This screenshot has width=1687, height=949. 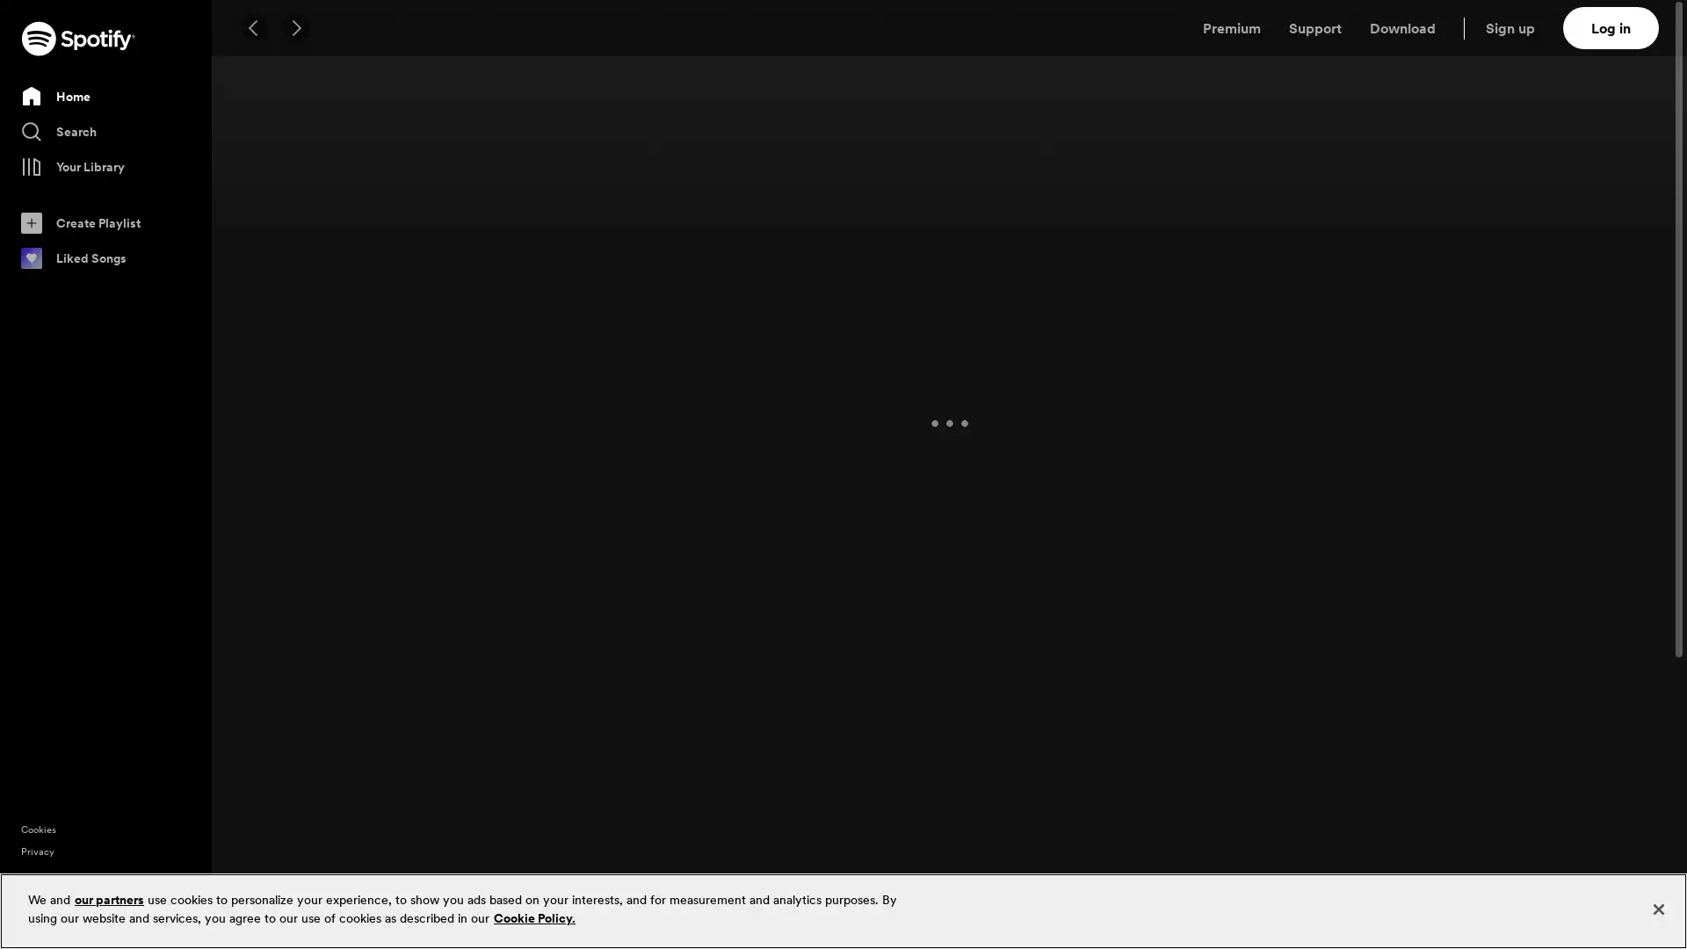 I want to click on Play Feelin' Myself, so click(x=534, y=883).